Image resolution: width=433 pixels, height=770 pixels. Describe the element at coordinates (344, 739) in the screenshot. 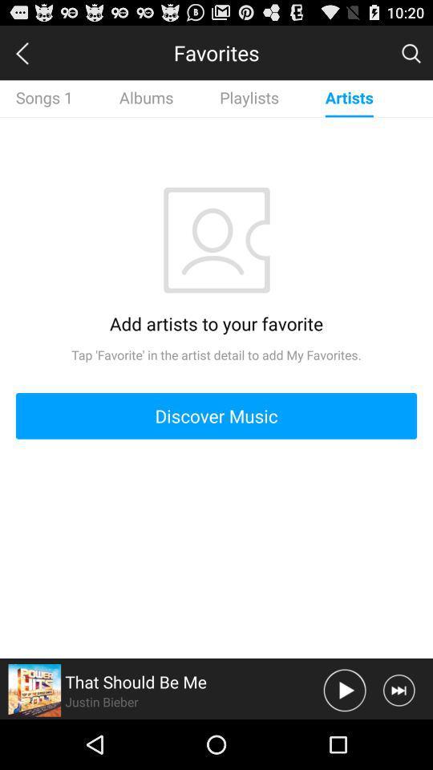

I see `the play icon` at that location.